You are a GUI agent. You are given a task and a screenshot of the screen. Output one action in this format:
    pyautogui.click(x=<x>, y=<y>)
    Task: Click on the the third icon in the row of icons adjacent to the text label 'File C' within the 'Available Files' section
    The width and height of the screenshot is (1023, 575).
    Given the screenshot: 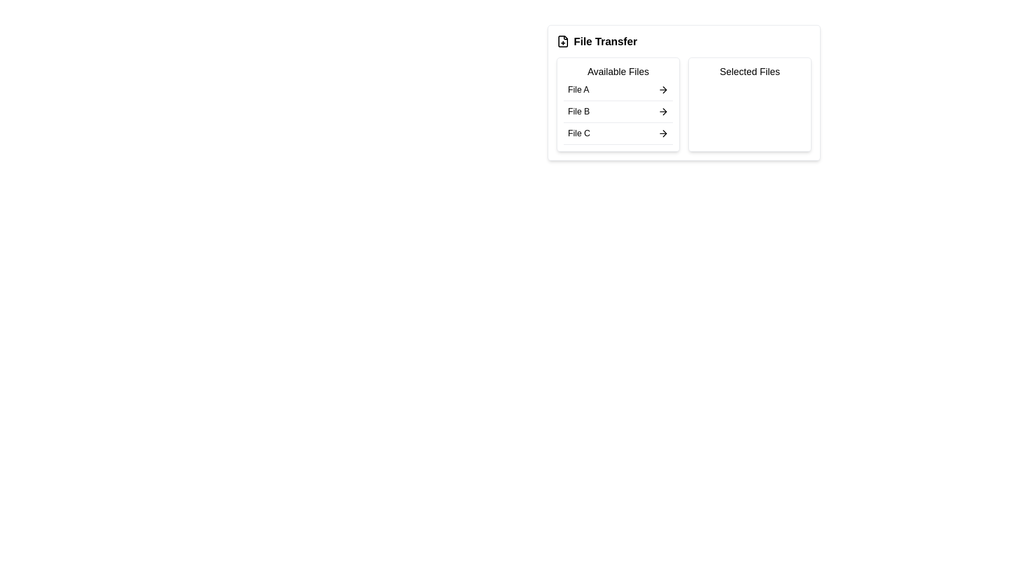 What is the action you would take?
    pyautogui.click(x=664, y=133)
    